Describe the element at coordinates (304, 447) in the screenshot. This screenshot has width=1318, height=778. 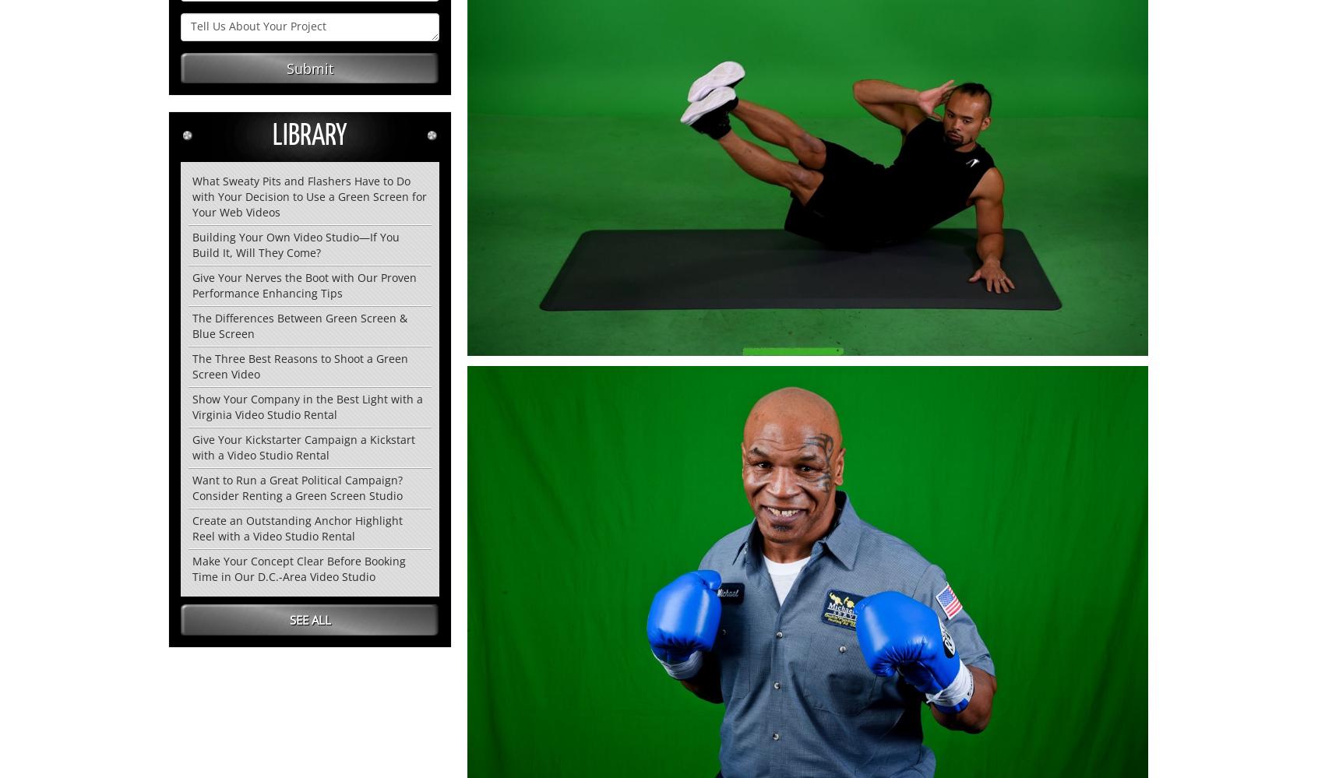
I see `'Give Your Kickstarter Campaign a Kickstart with a Video Studio Rental'` at that location.